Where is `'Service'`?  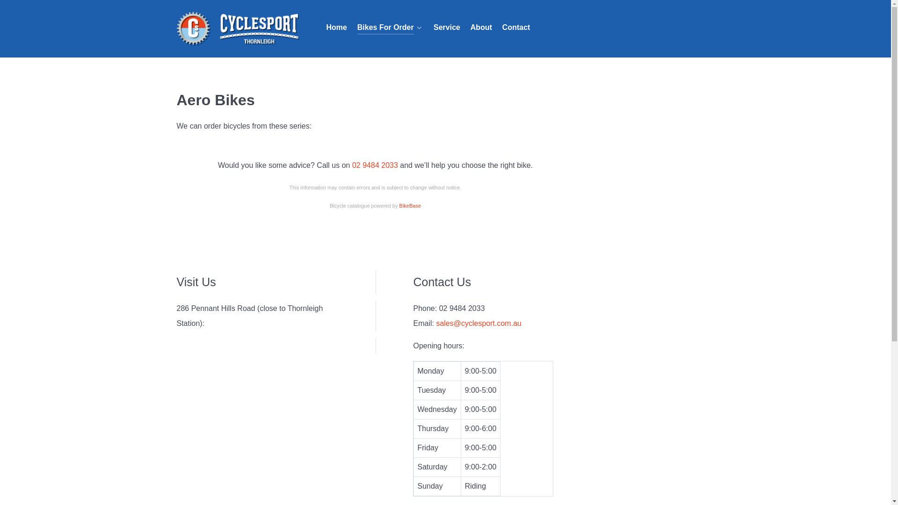
'Service' is located at coordinates (446, 28).